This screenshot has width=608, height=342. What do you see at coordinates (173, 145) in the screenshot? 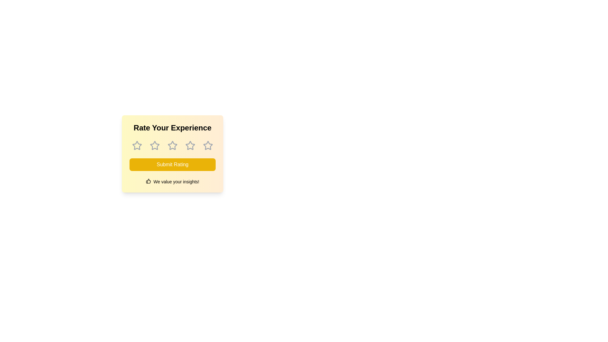
I see `the third star in the 5-star rating system` at bounding box center [173, 145].